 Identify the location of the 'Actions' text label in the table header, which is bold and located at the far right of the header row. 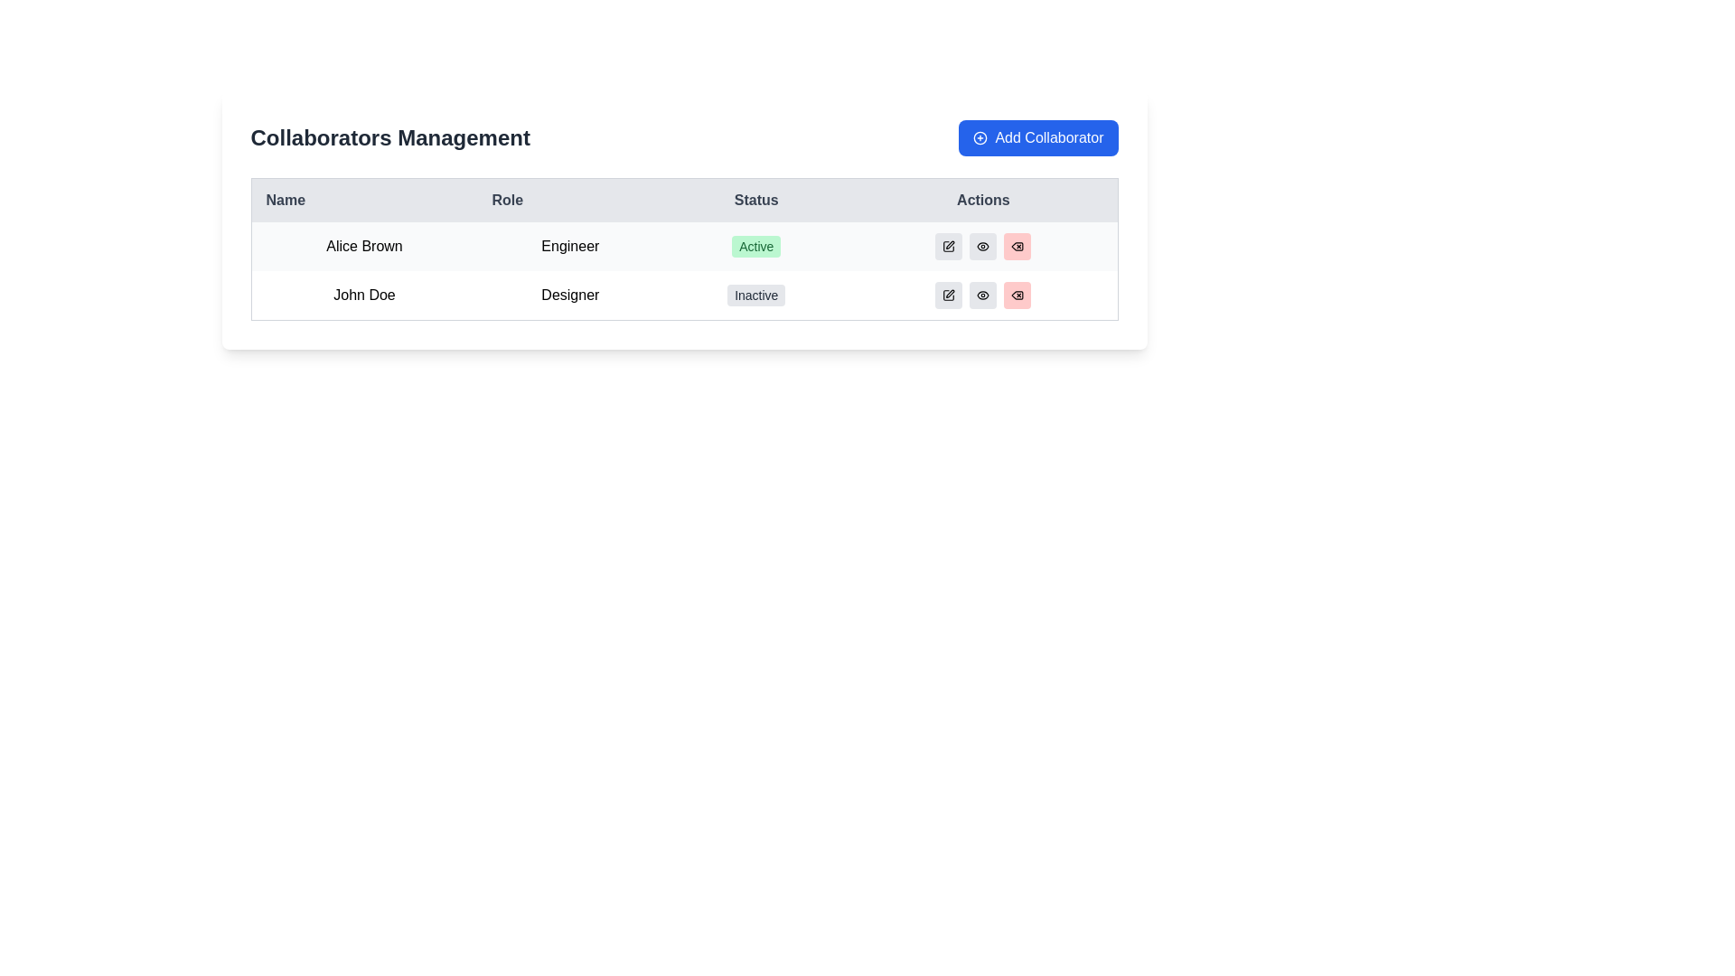
(982, 200).